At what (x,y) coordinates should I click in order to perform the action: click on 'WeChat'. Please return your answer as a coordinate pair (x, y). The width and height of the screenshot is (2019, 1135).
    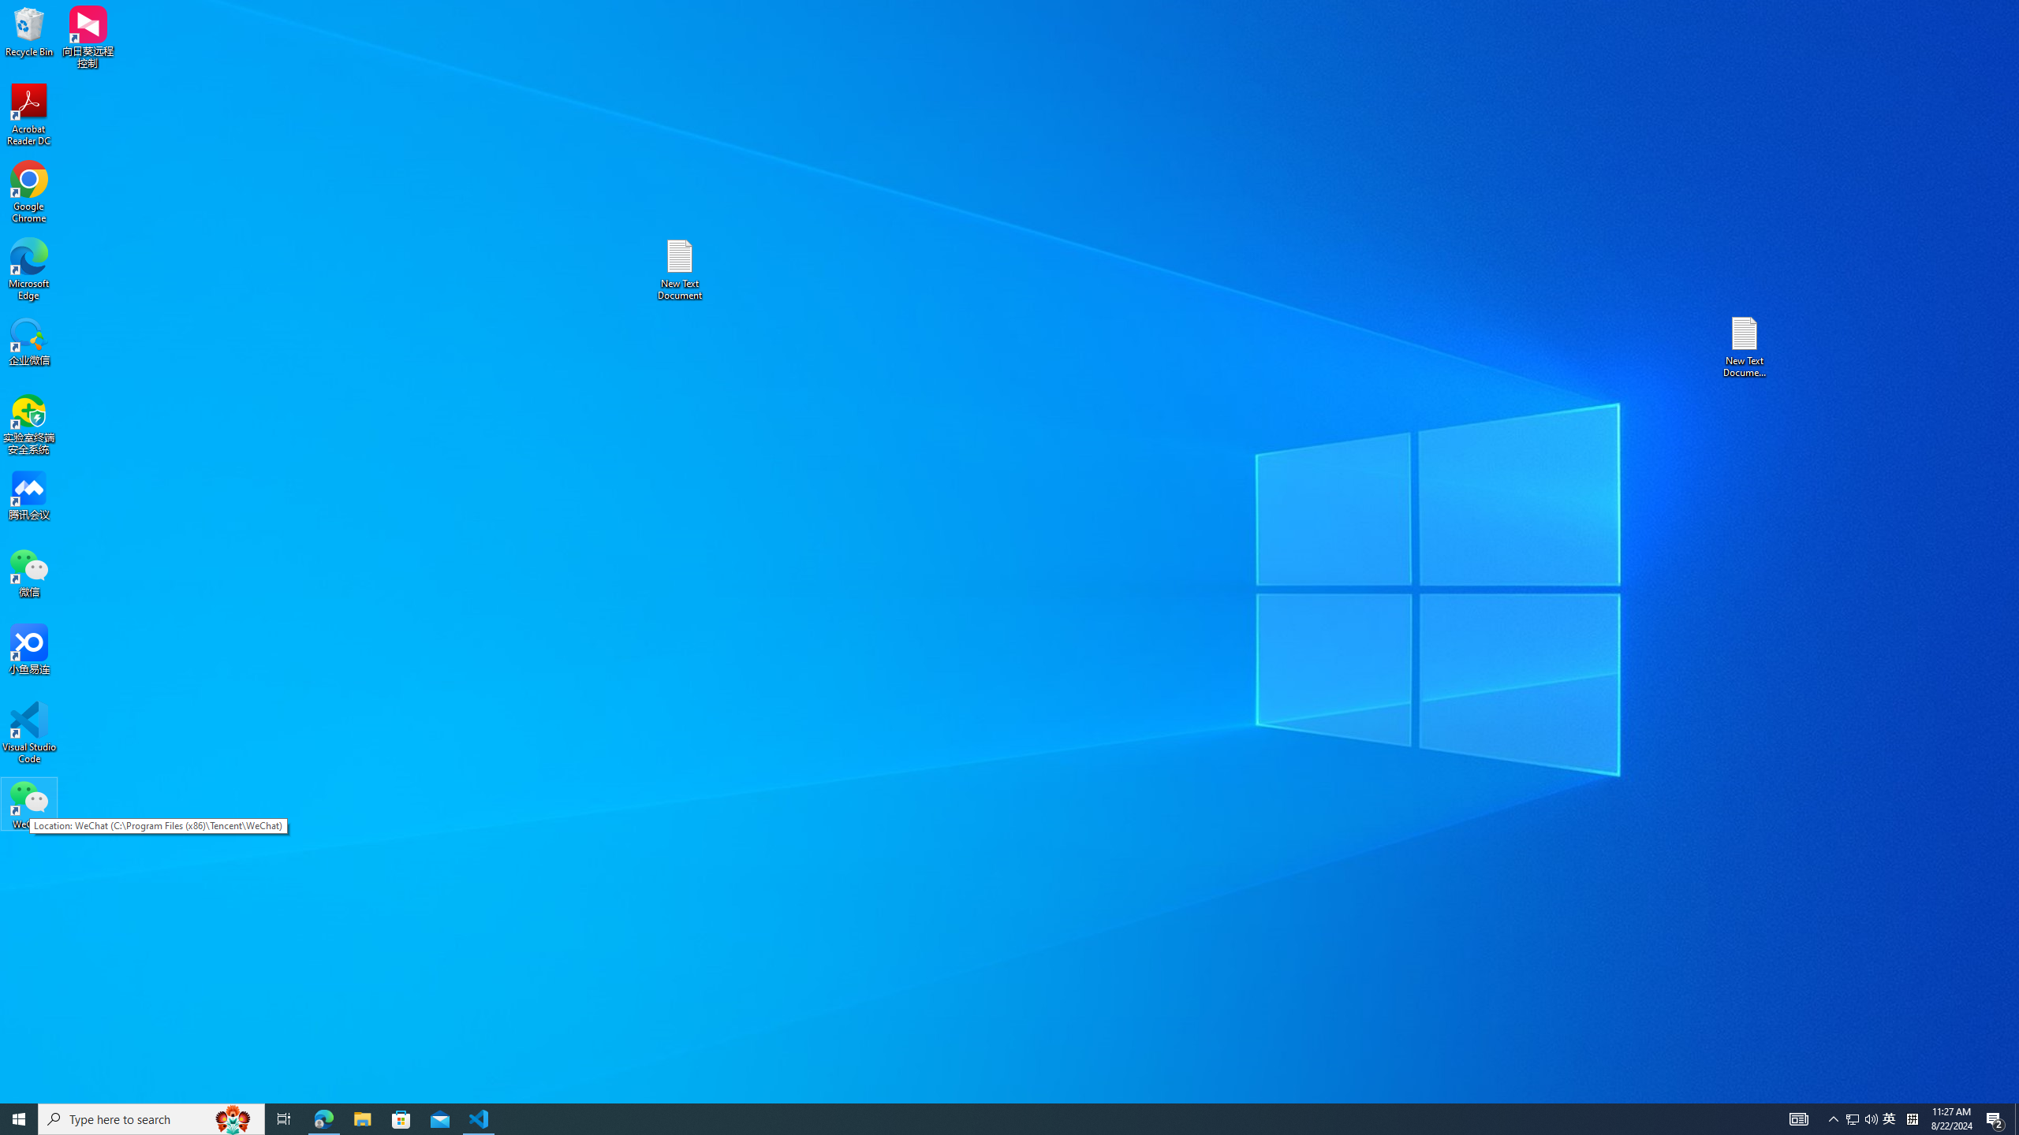
    Looking at the image, I should click on (28, 803).